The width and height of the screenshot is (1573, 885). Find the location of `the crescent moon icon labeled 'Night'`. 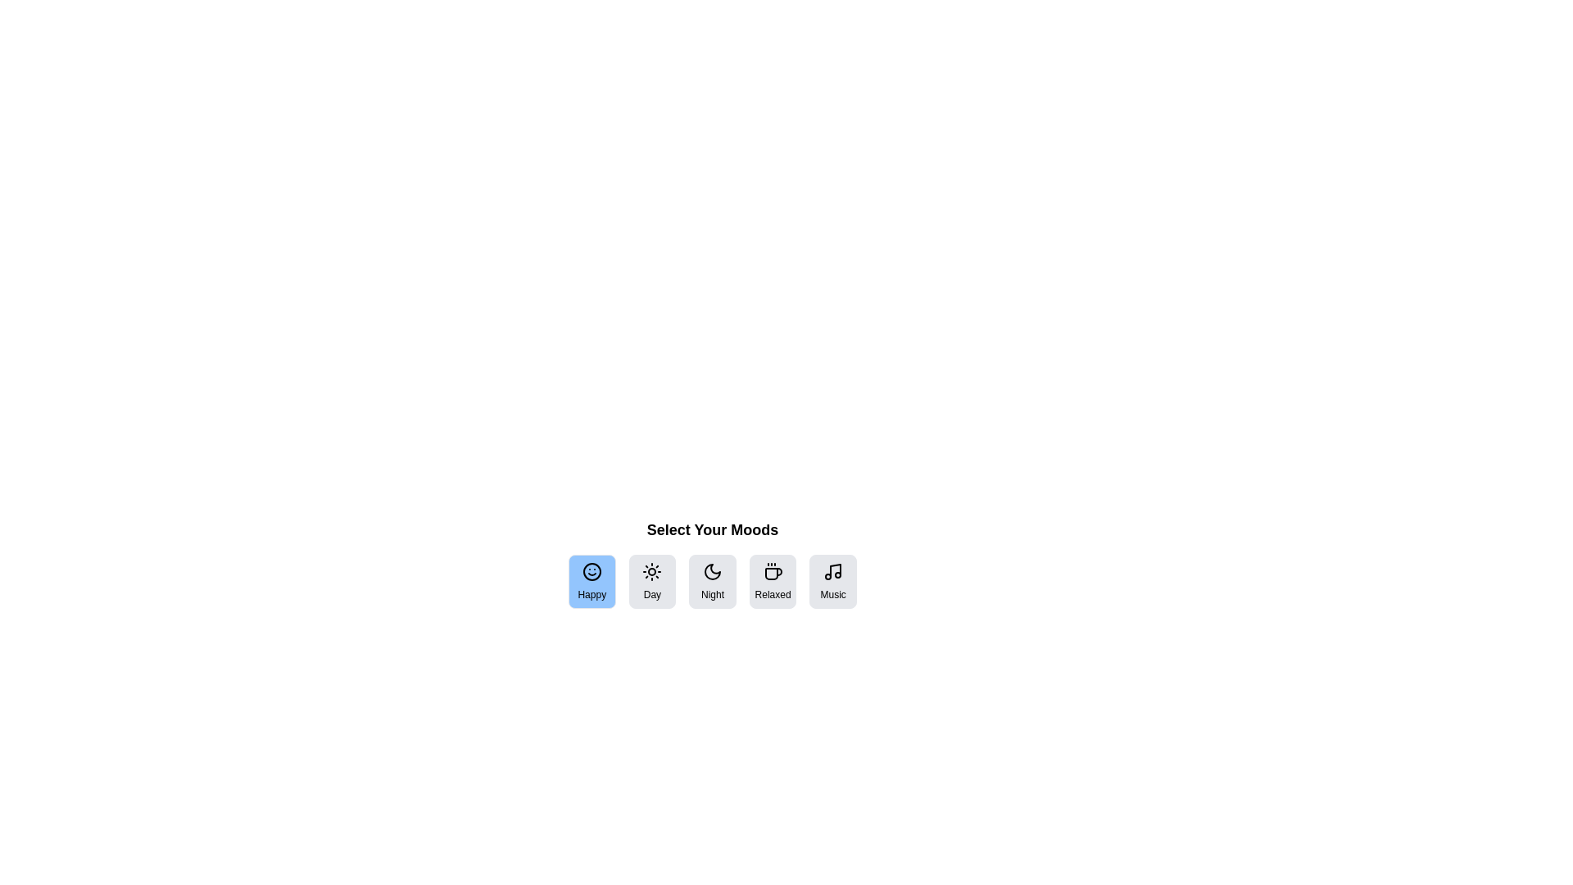

the crescent moon icon labeled 'Night' is located at coordinates (712, 571).